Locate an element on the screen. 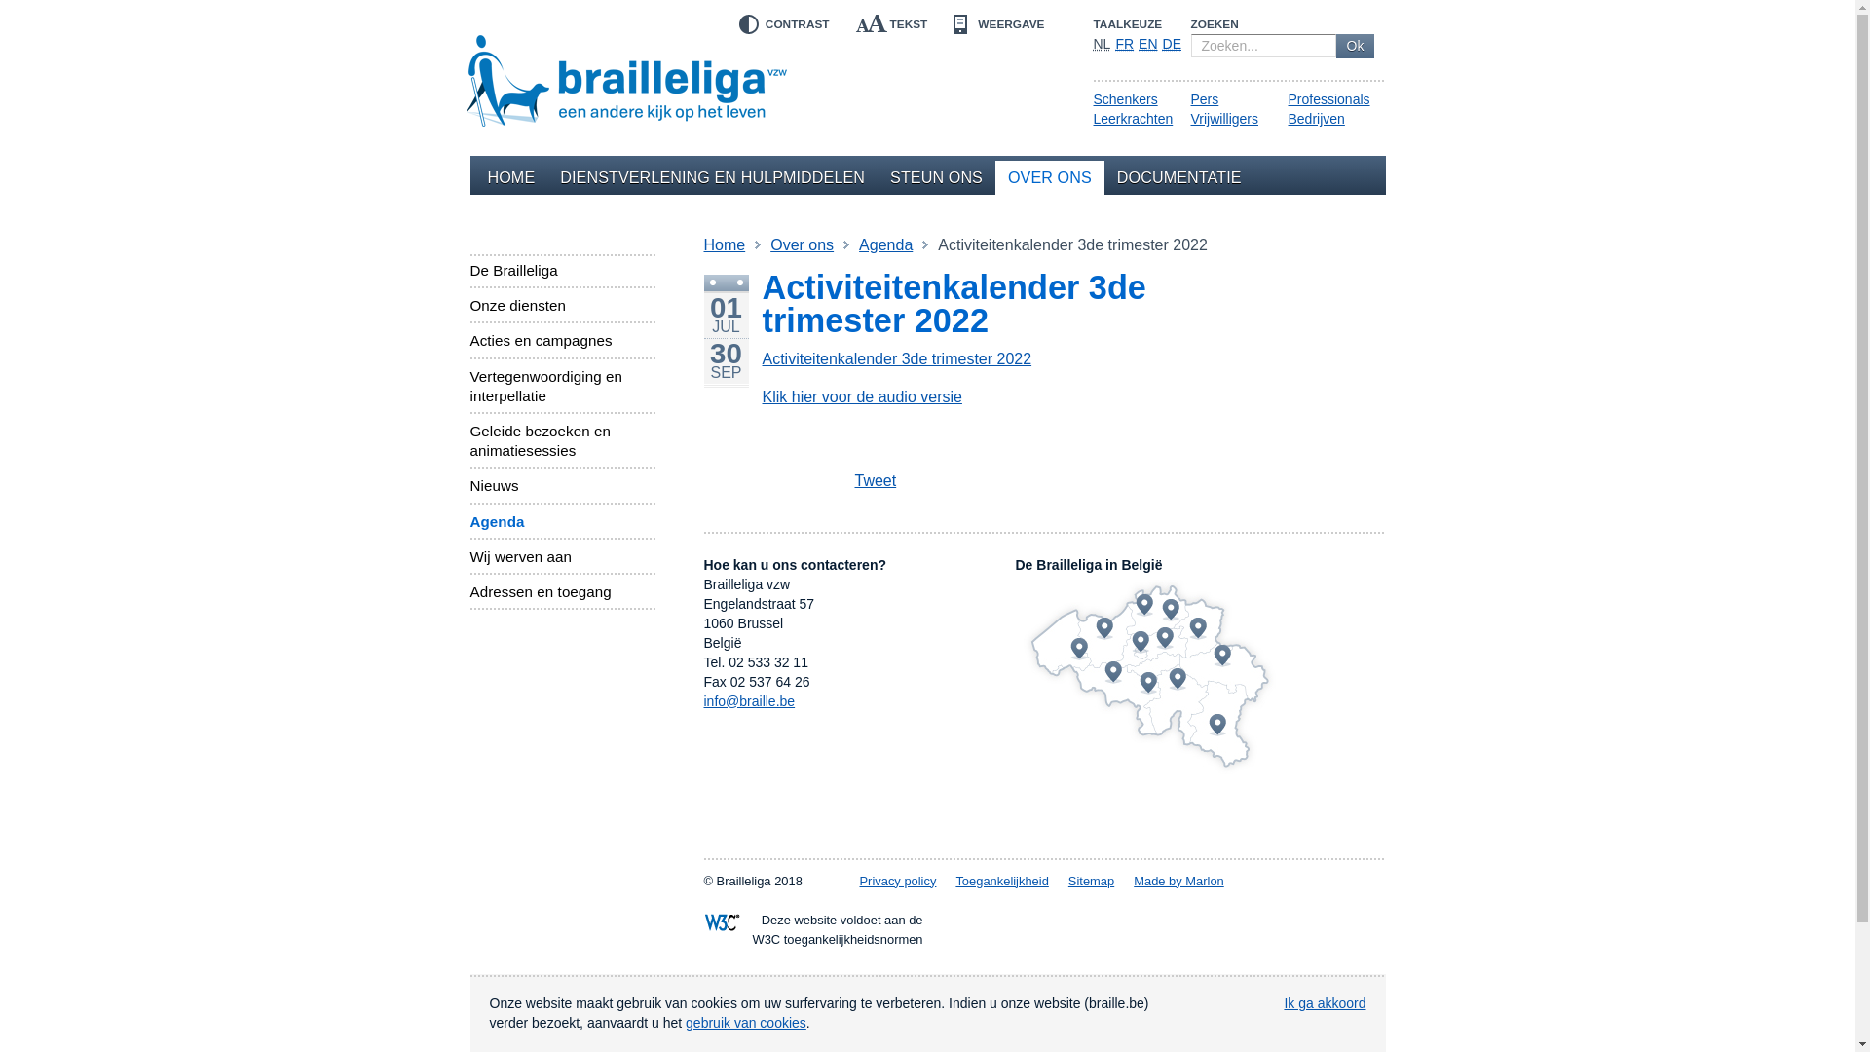  'Onze diensten' is located at coordinates (468, 305).